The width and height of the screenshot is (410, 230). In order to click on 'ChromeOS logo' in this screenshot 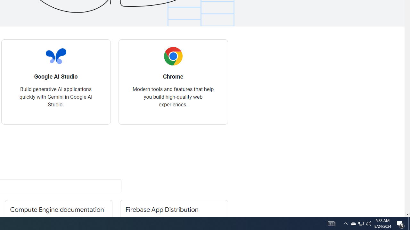, I will do `click(173, 56)`.